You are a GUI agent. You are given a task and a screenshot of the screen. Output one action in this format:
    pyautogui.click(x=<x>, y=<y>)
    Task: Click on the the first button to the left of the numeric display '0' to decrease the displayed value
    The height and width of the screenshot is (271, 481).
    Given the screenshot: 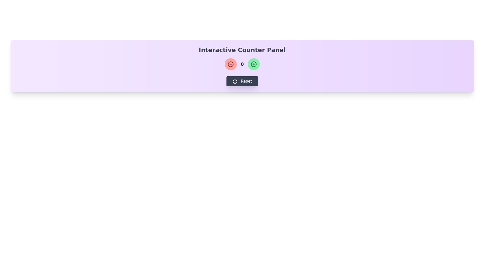 What is the action you would take?
    pyautogui.click(x=230, y=64)
    